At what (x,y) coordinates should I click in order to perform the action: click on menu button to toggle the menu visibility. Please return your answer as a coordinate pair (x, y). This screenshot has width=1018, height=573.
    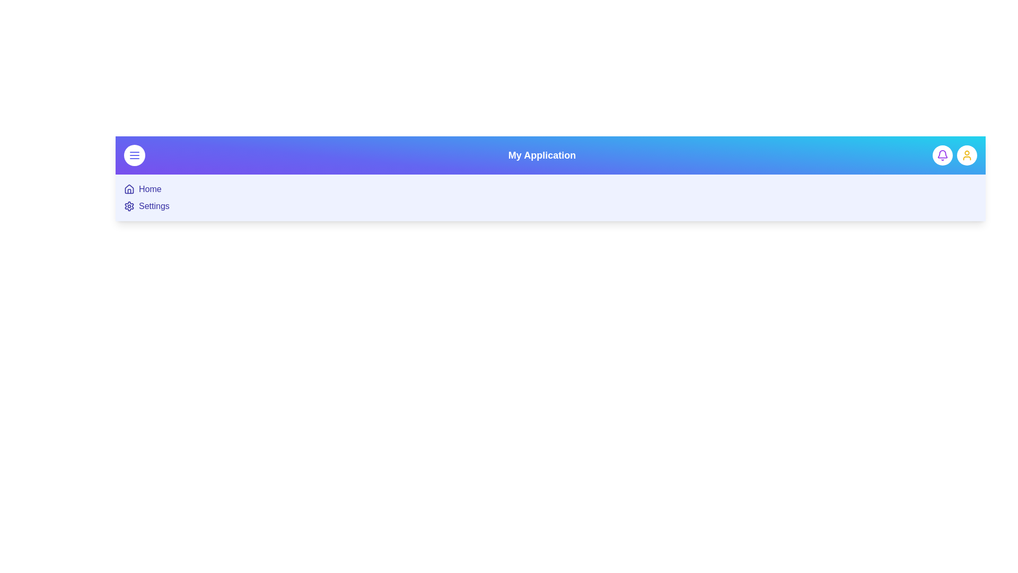
    Looking at the image, I should click on (134, 155).